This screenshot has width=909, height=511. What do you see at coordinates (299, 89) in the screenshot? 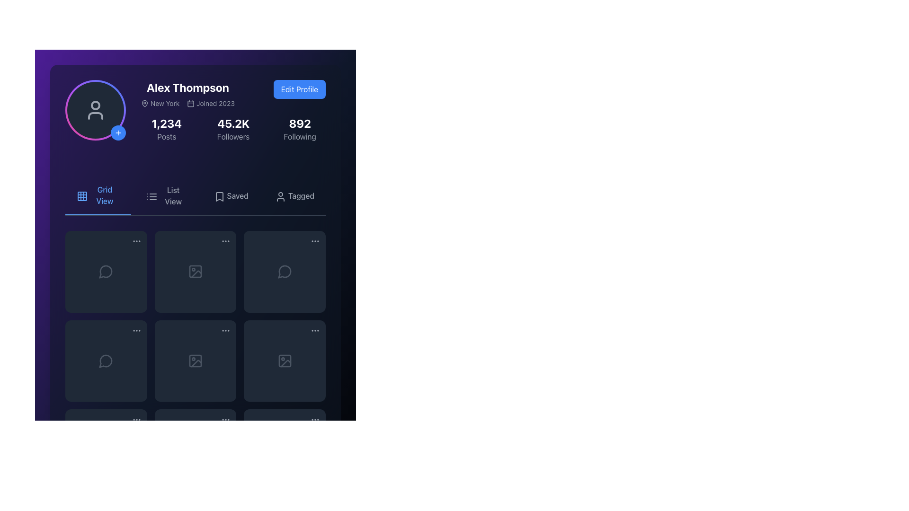
I see `the 'Edit Profile' button, which is a rectangular button with a blue background and white text, located at the top-right side of a header block` at bounding box center [299, 89].